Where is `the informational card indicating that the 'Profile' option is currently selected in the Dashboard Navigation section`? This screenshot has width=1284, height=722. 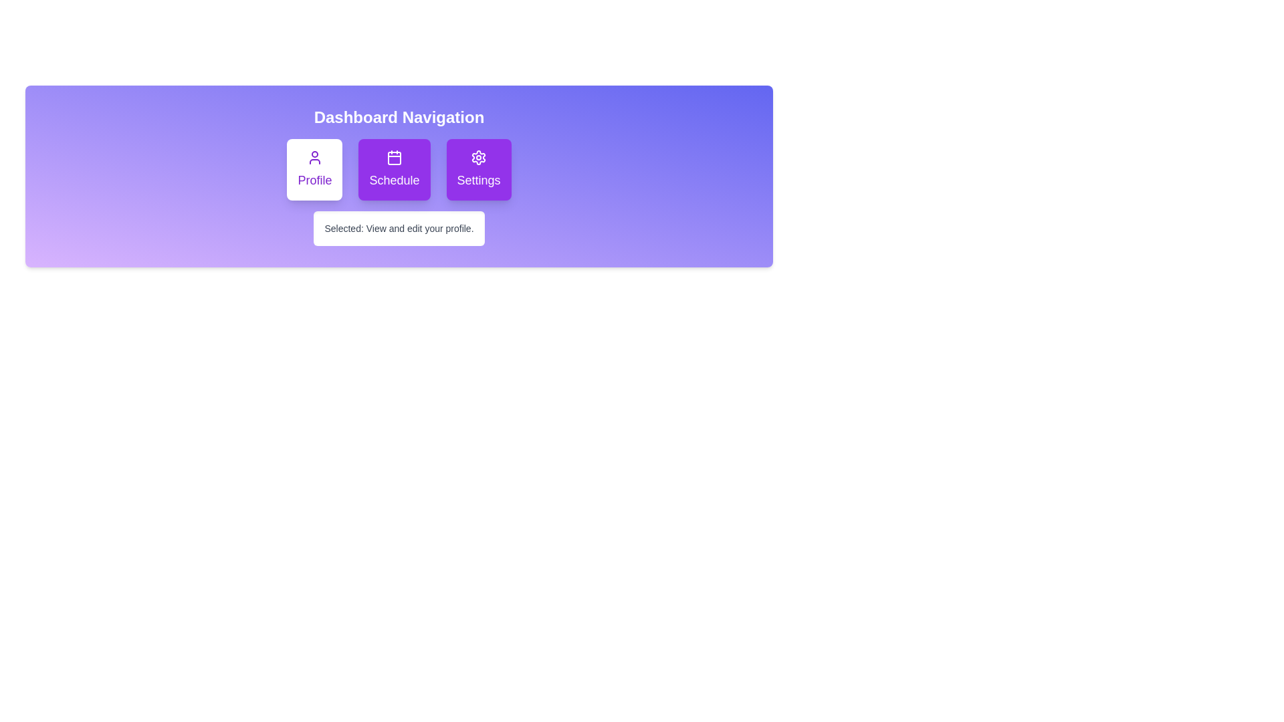
the informational card indicating that the 'Profile' option is currently selected in the Dashboard Navigation section is located at coordinates (398, 228).